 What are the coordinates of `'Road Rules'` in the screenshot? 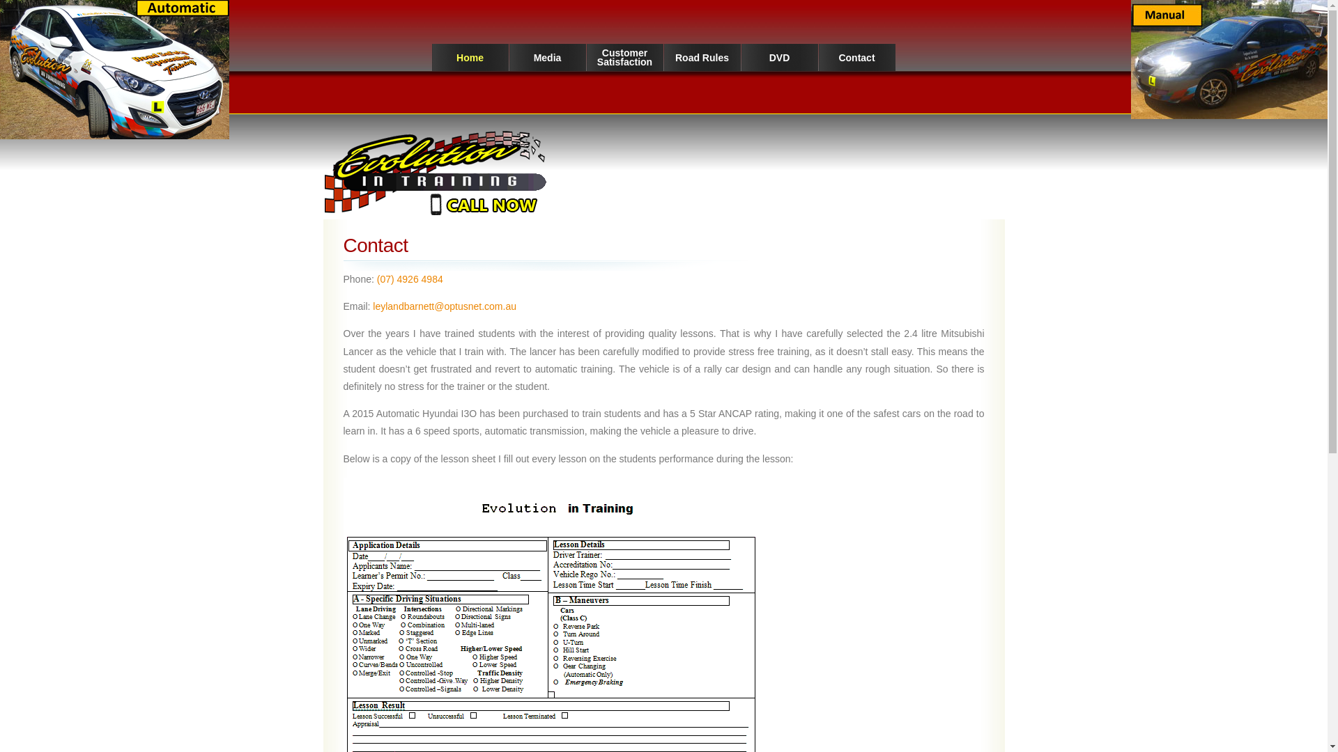 It's located at (662, 58).